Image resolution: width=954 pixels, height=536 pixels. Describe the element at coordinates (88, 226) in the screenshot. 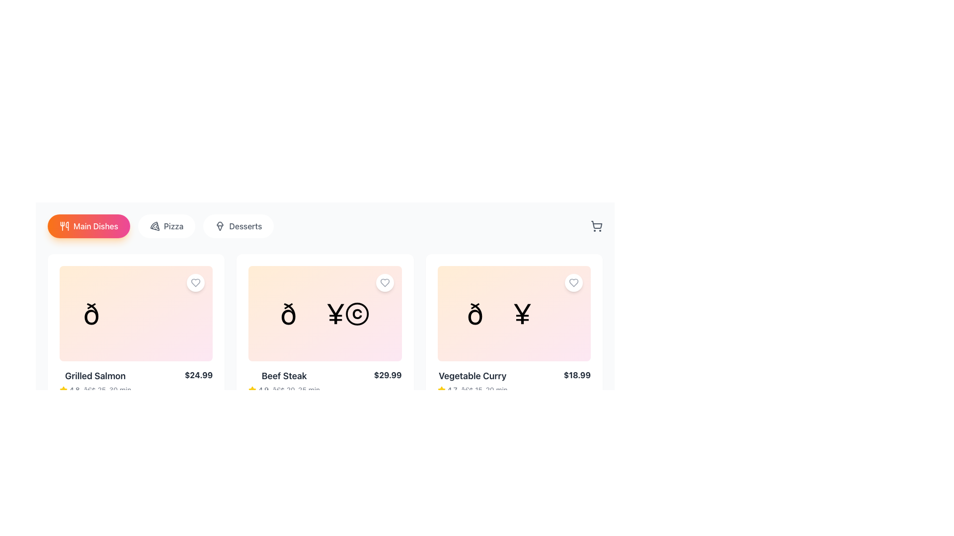

I see `the 'Main Dishes' button, which is a rounded rectangle with a gradient background from orange to pink, featuring a white utensils icon and white text on the right` at that location.